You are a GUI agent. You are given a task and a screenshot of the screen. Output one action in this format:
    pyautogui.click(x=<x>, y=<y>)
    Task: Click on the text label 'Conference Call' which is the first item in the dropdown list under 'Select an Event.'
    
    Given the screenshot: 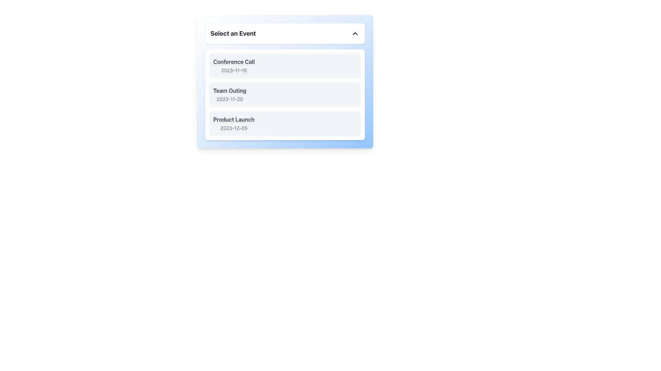 What is the action you would take?
    pyautogui.click(x=234, y=62)
    